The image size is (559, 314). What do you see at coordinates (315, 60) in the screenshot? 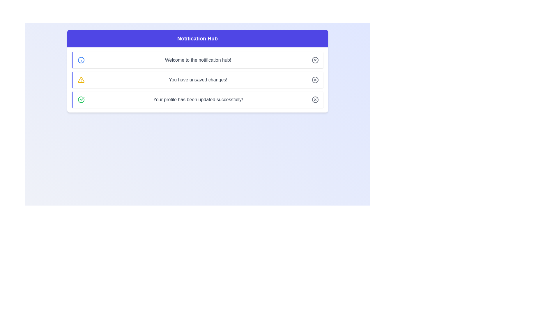
I see `the circular vector graphic with a thin stroke, located inside the 'X' mark icon at the far right of the first notification entry labeled 'Welcome to the notification hub!'` at bounding box center [315, 60].